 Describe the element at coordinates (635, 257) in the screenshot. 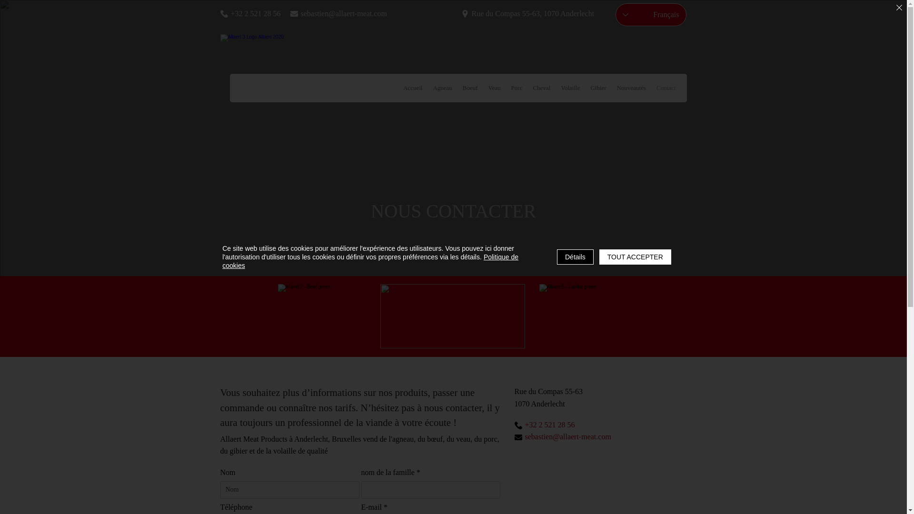

I see `'TOUT ACCEPTER'` at that location.